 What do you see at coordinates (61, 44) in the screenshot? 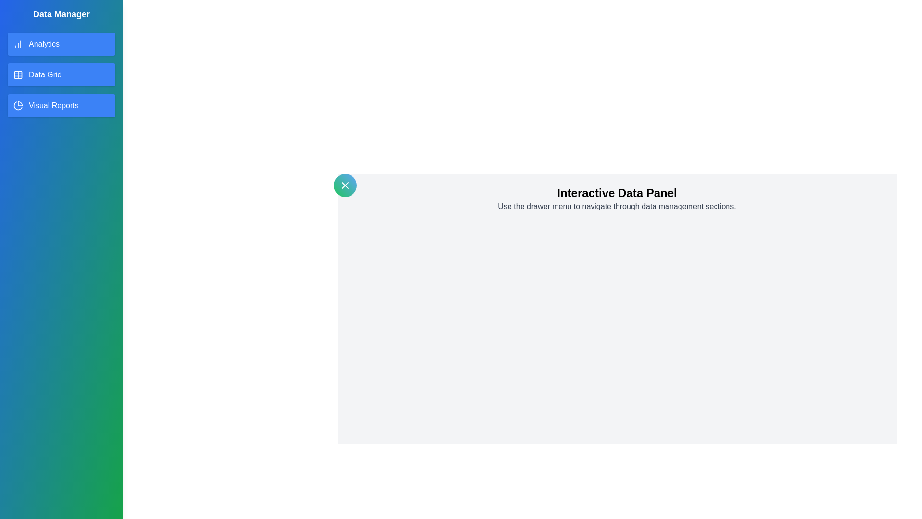
I see `the item Analytics in the drawer list` at bounding box center [61, 44].